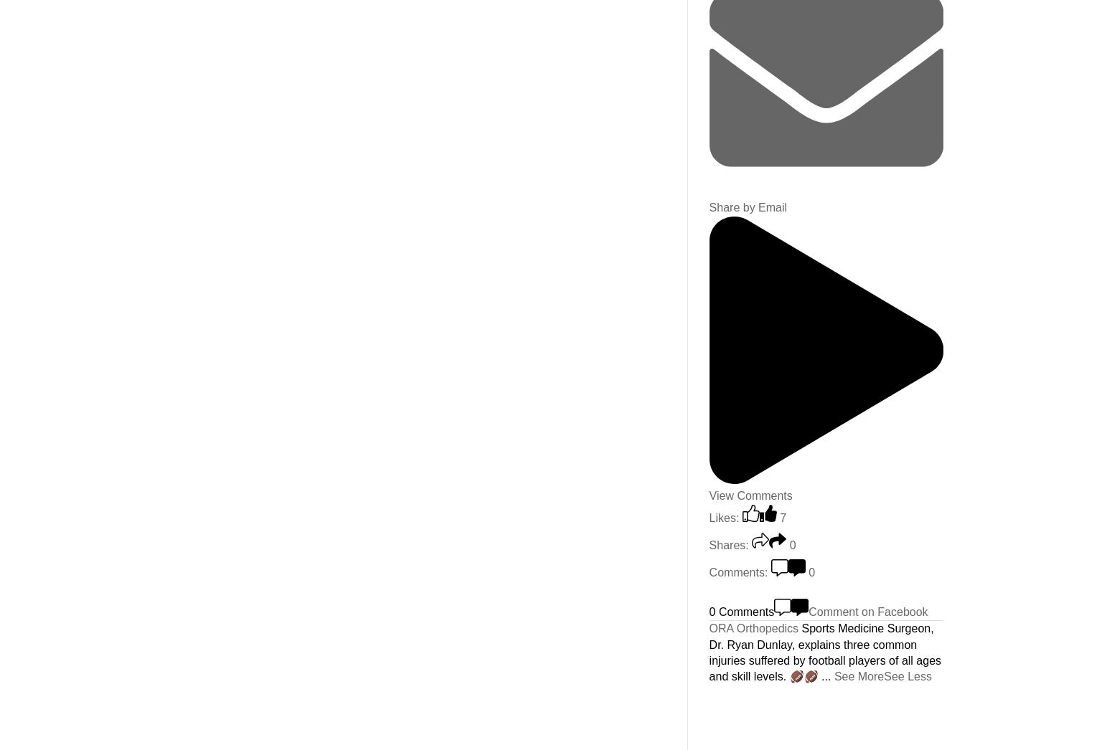 The width and height of the screenshot is (1112, 750). I want to click on '7', so click(779, 517).